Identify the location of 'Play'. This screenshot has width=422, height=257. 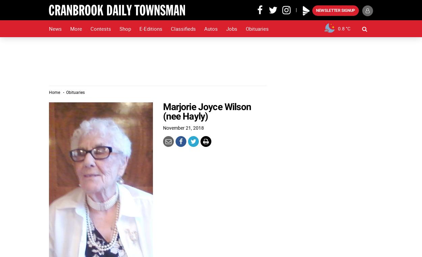
(305, 5).